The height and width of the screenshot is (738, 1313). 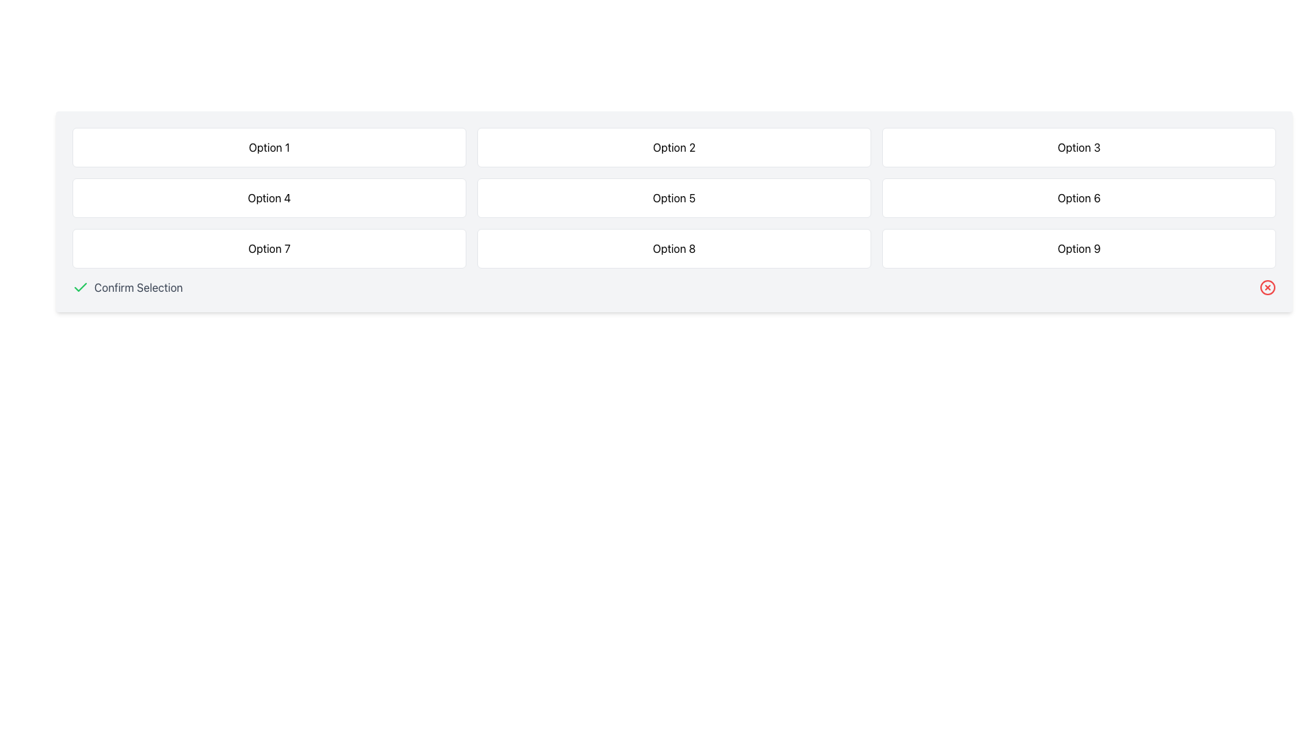 What do you see at coordinates (674, 148) in the screenshot?
I see `the button representing 'Option 2', which is located in the second position of the first row within a 3-column grid layout, situated between 'Option 1' and 'Option 3'` at bounding box center [674, 148].